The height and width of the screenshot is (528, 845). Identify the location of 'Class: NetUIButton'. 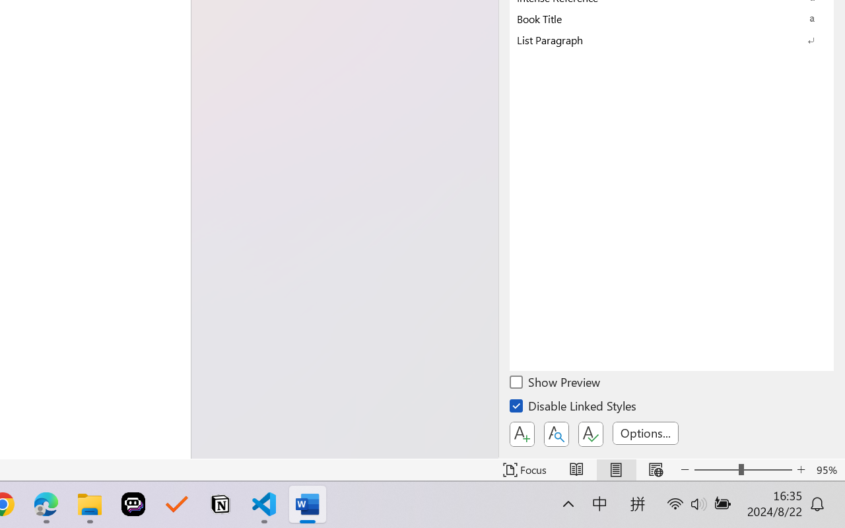
(590, 434).